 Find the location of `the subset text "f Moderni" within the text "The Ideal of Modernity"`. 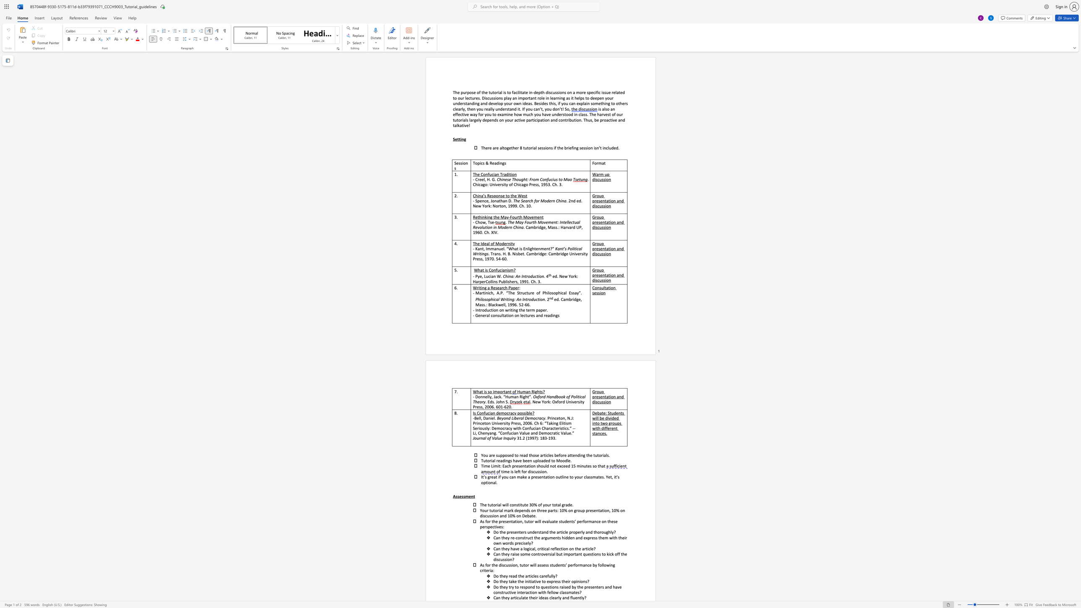

the subset text "f Moderni" within the text "The Ideal of Modernity" is located at coordinates (492, 243).